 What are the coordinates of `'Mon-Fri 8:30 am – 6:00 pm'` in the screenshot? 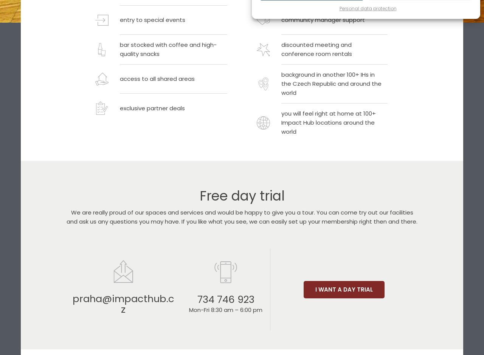 It's located at (225, 310).